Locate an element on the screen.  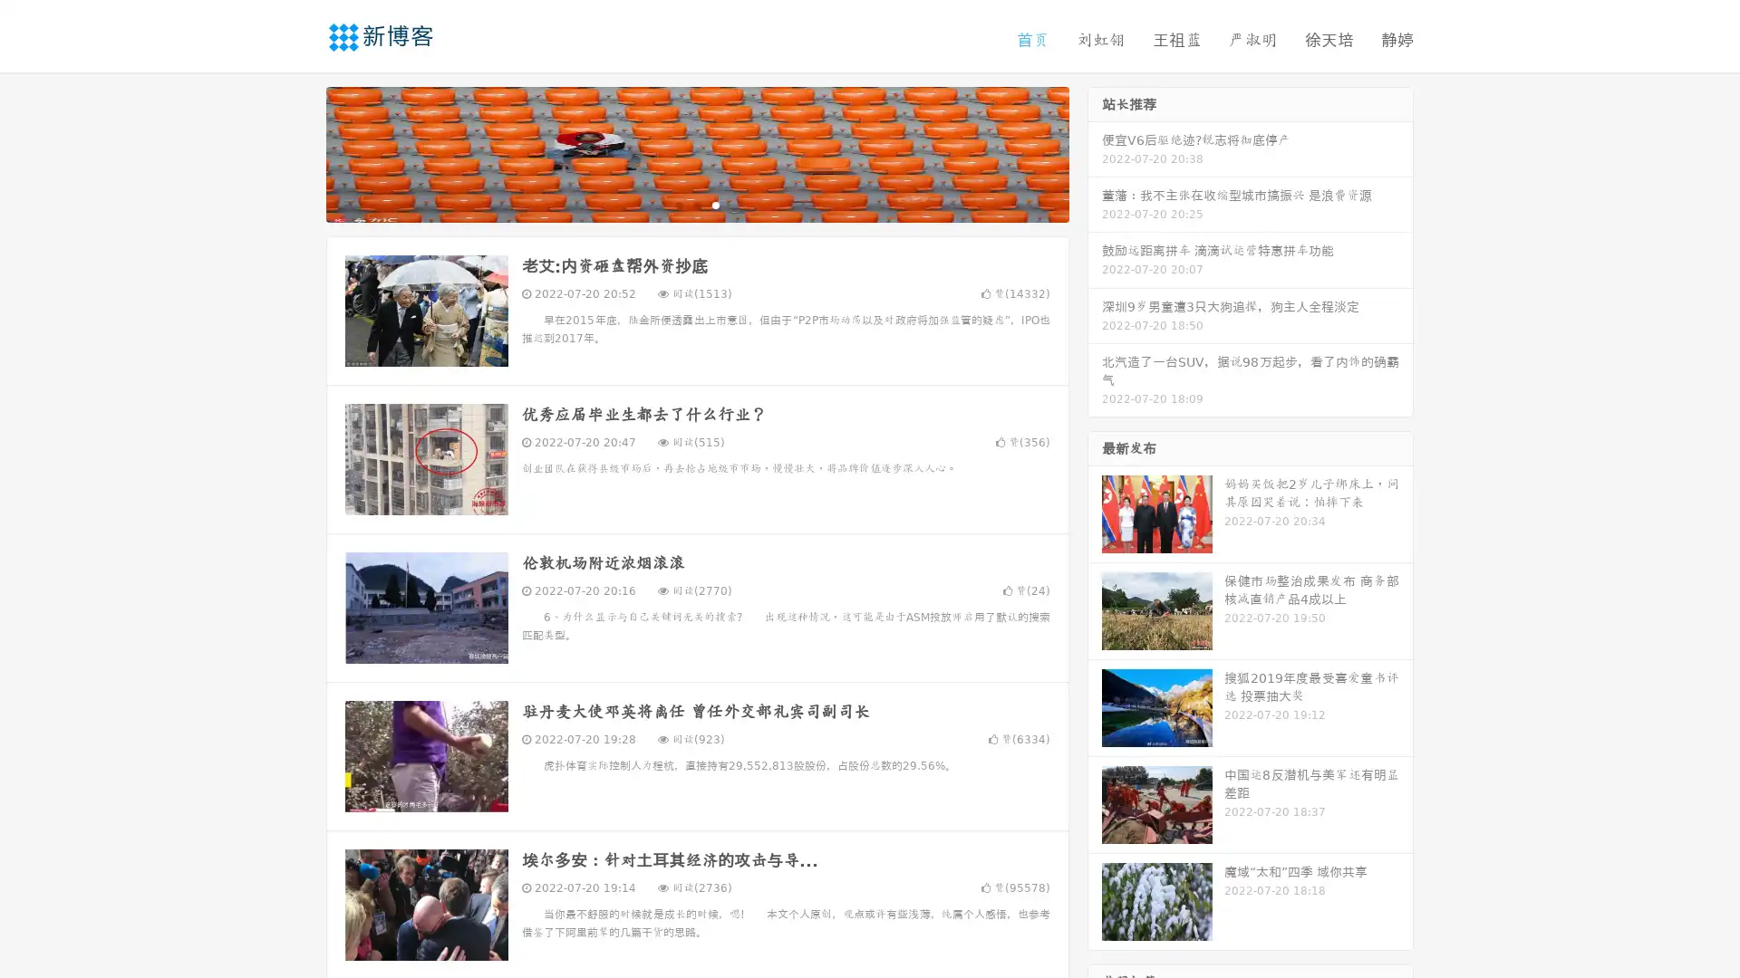
Previous slide is located at coordinates (299, 152).